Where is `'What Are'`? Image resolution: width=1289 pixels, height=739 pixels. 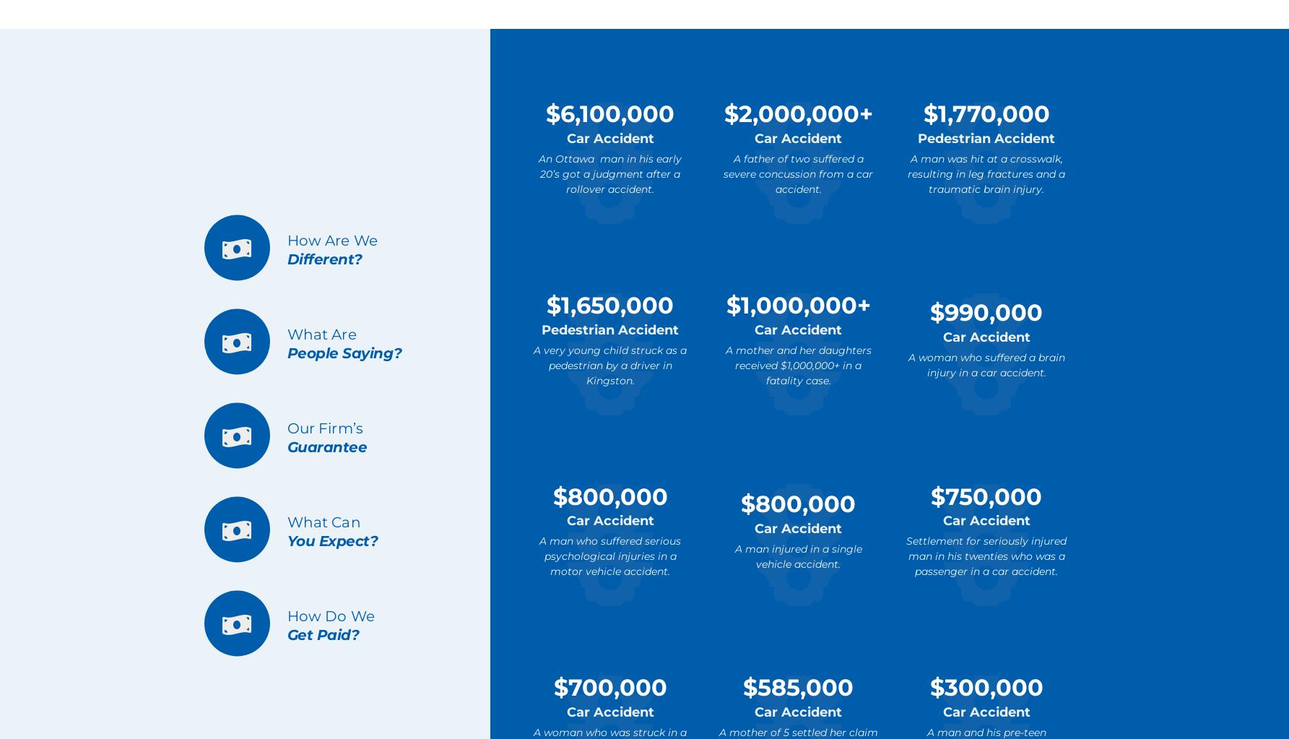
'What Are' is located at coordinates (321, 334).